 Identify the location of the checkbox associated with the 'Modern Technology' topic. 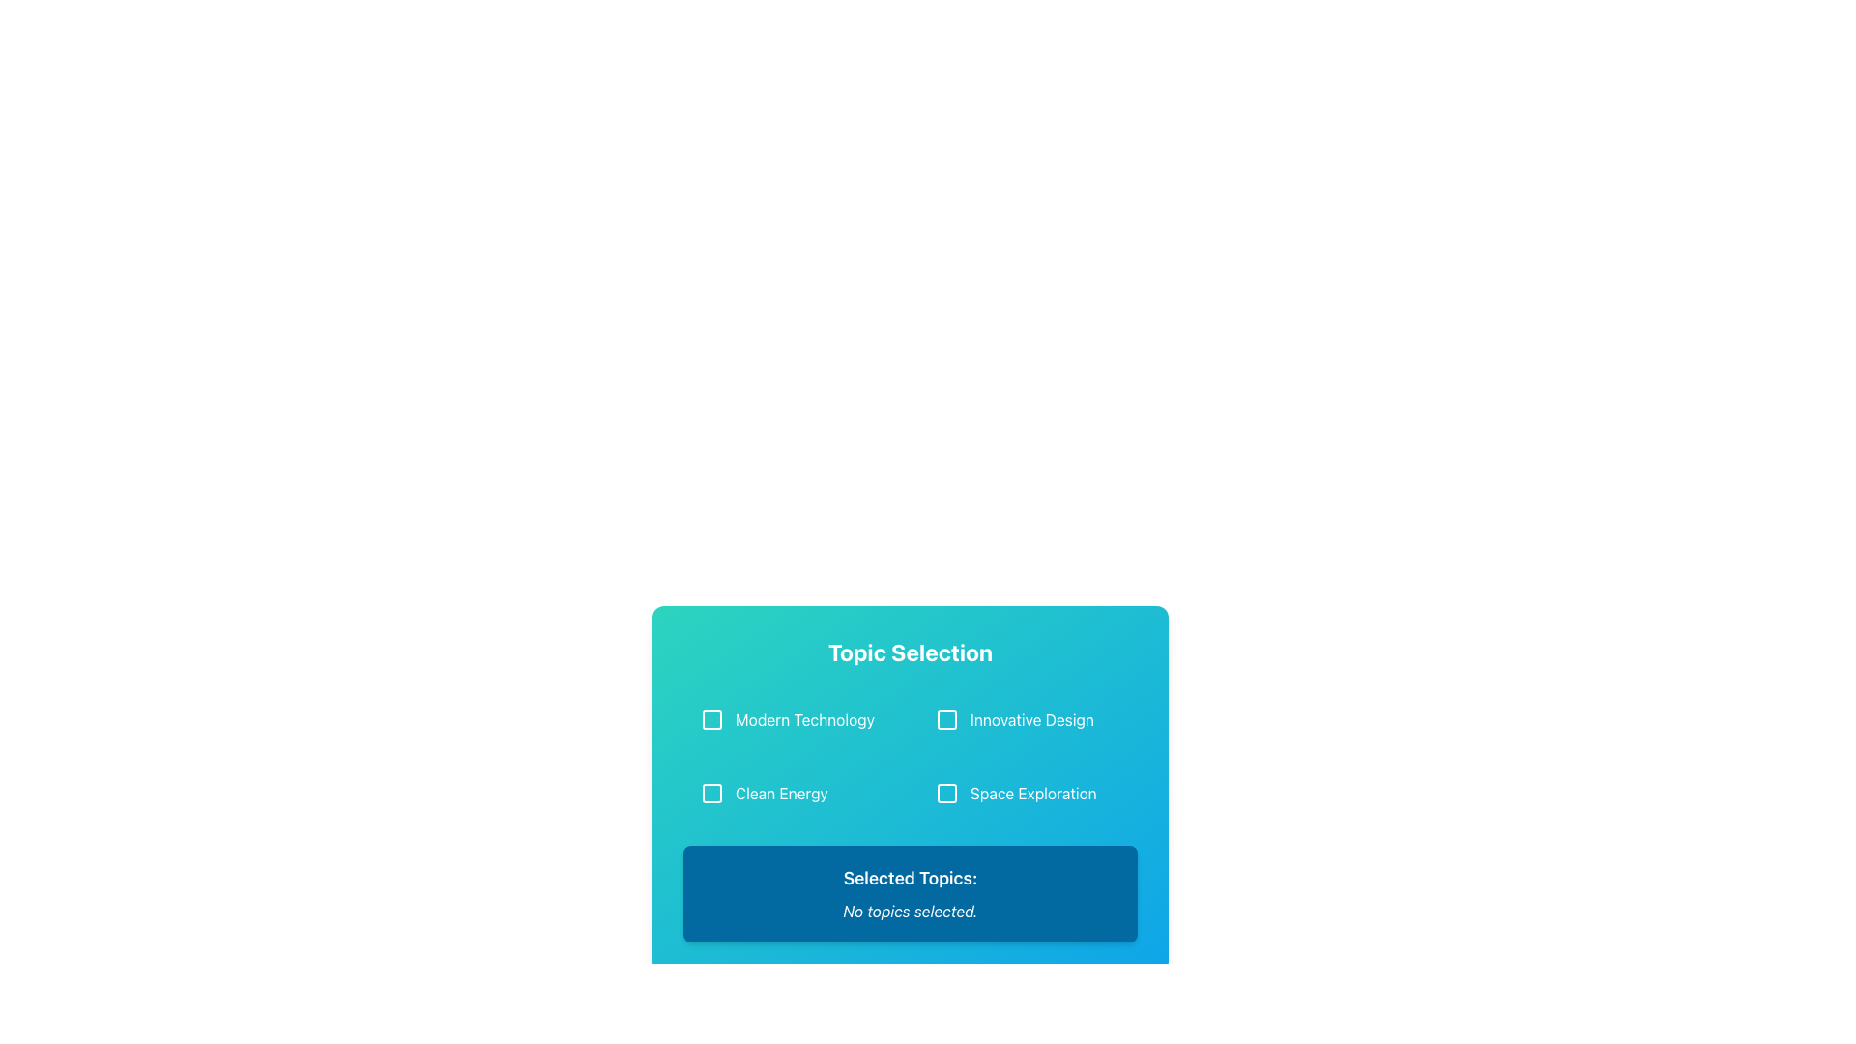
(711, 719).